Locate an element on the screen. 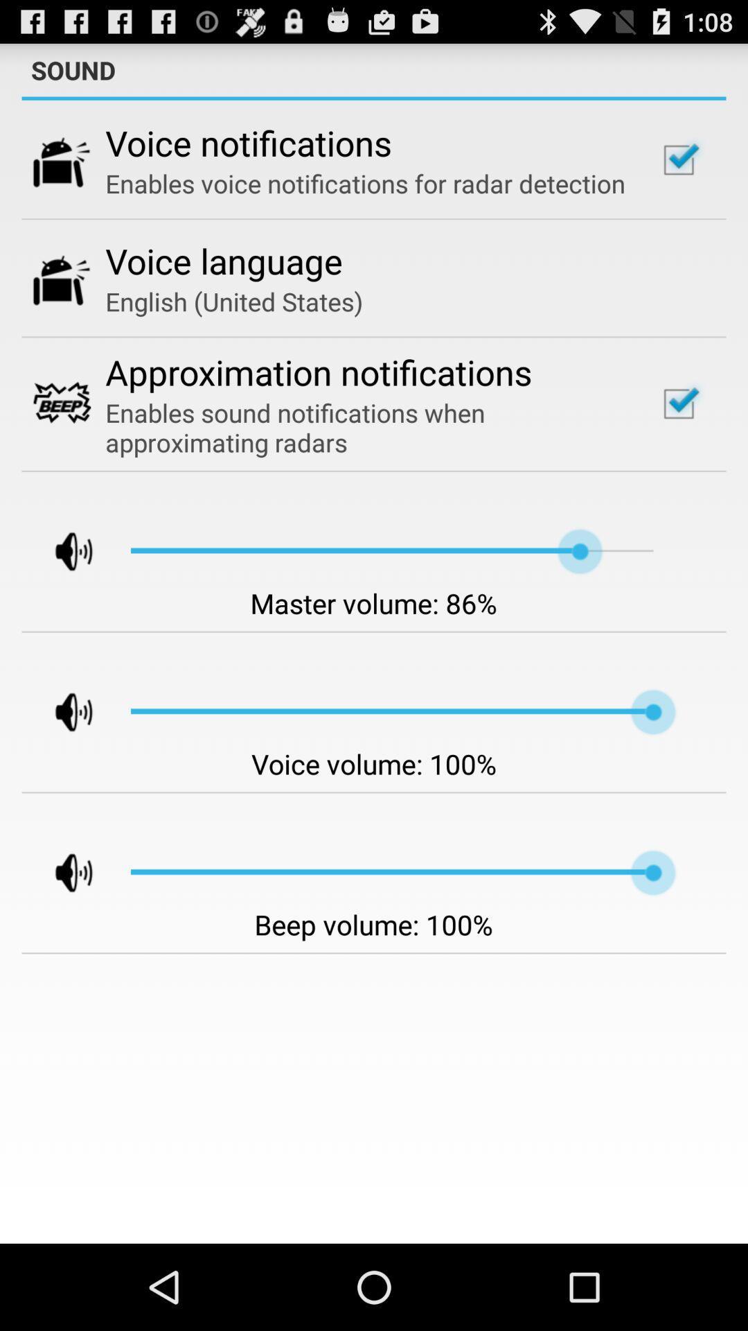  app below voice language app is located at coordinates (233, 301).